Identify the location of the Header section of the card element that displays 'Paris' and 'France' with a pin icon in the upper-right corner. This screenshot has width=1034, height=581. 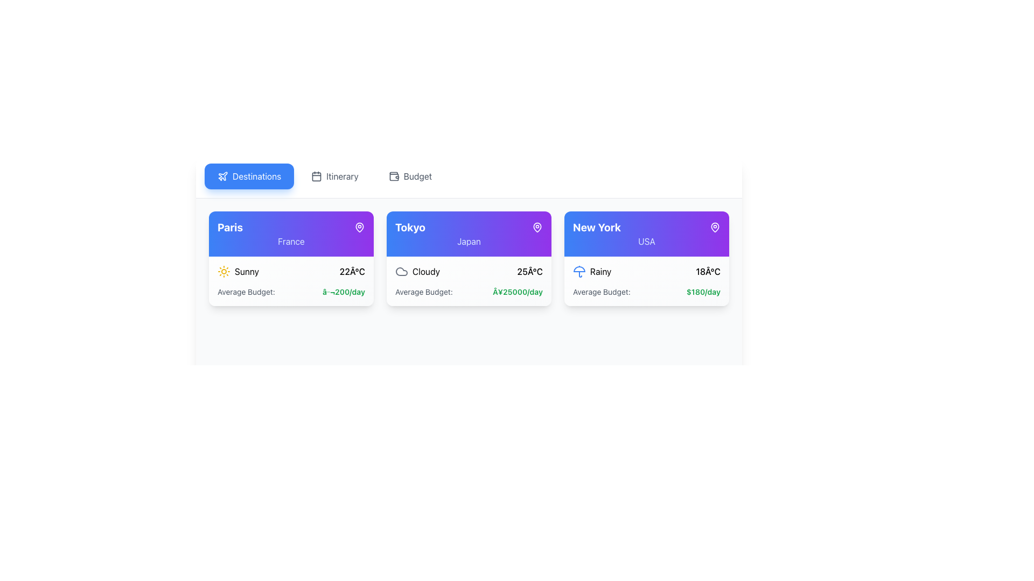
(291, 233).